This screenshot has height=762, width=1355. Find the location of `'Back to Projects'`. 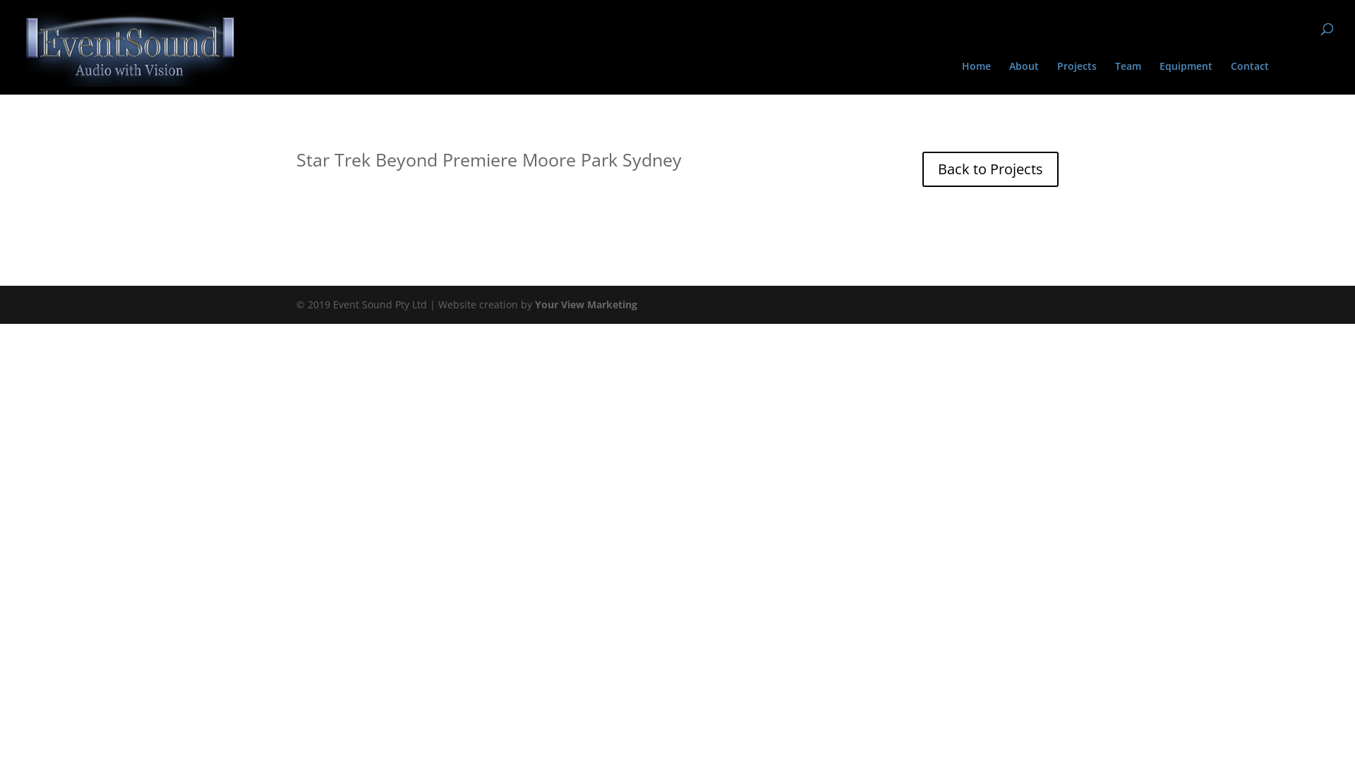

'Back to Projects' is located at coordinates (922, 168).